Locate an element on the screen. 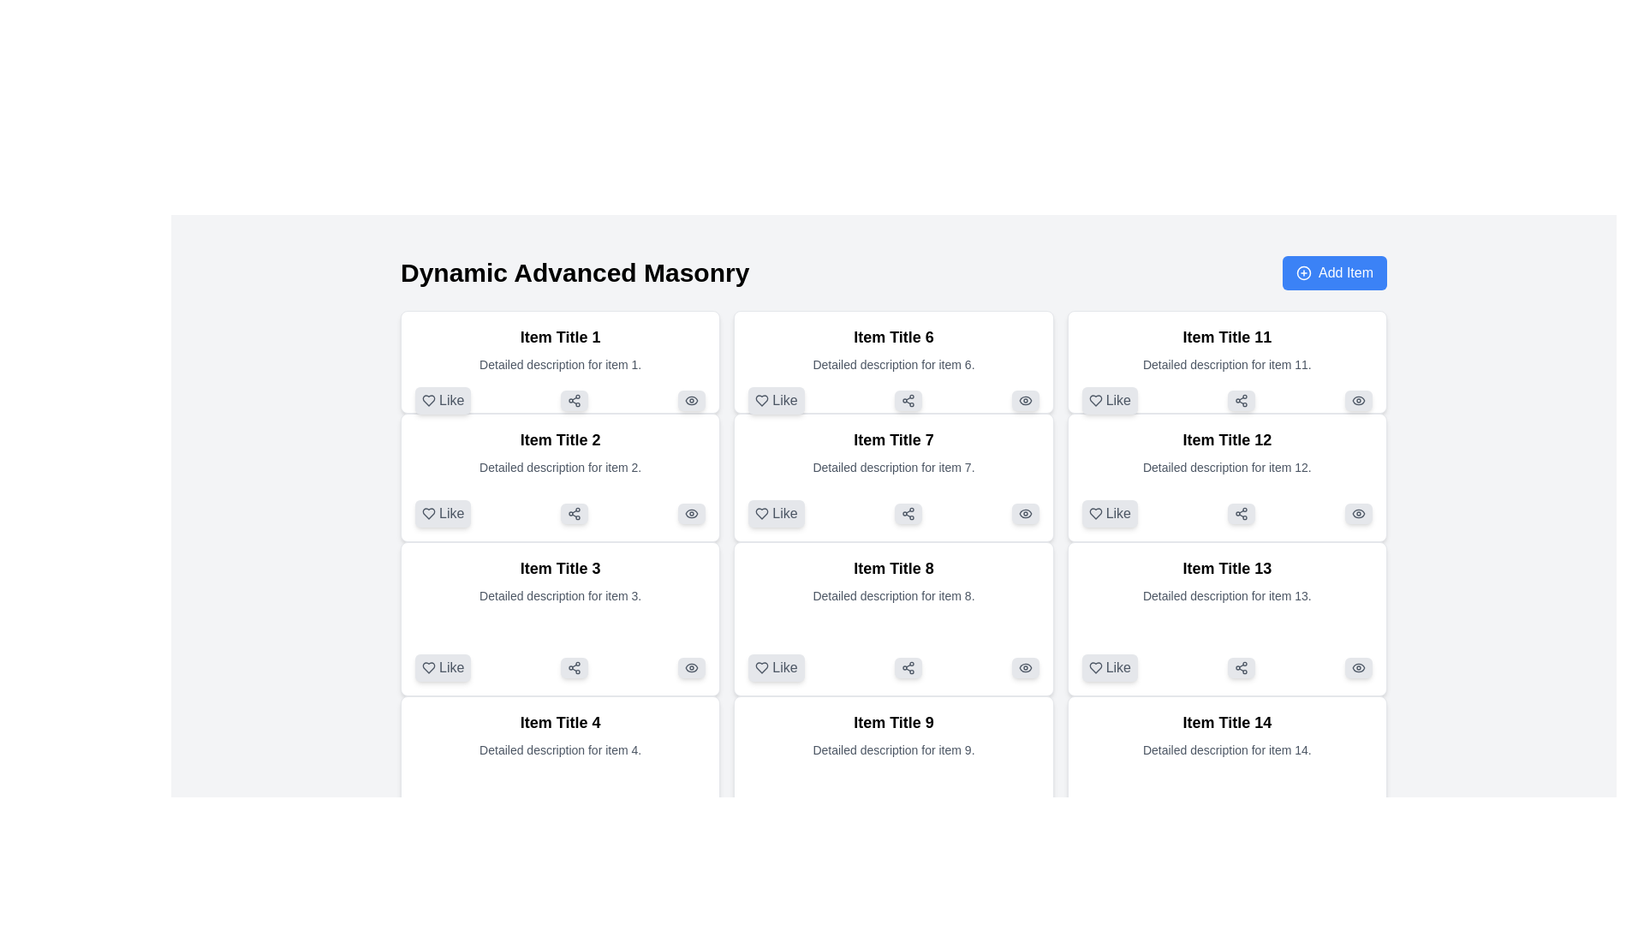 This screenshot has width=1644, height=925. the heart-shaped like button located under 'Item Title 7' is located at coordinates (761, 513).